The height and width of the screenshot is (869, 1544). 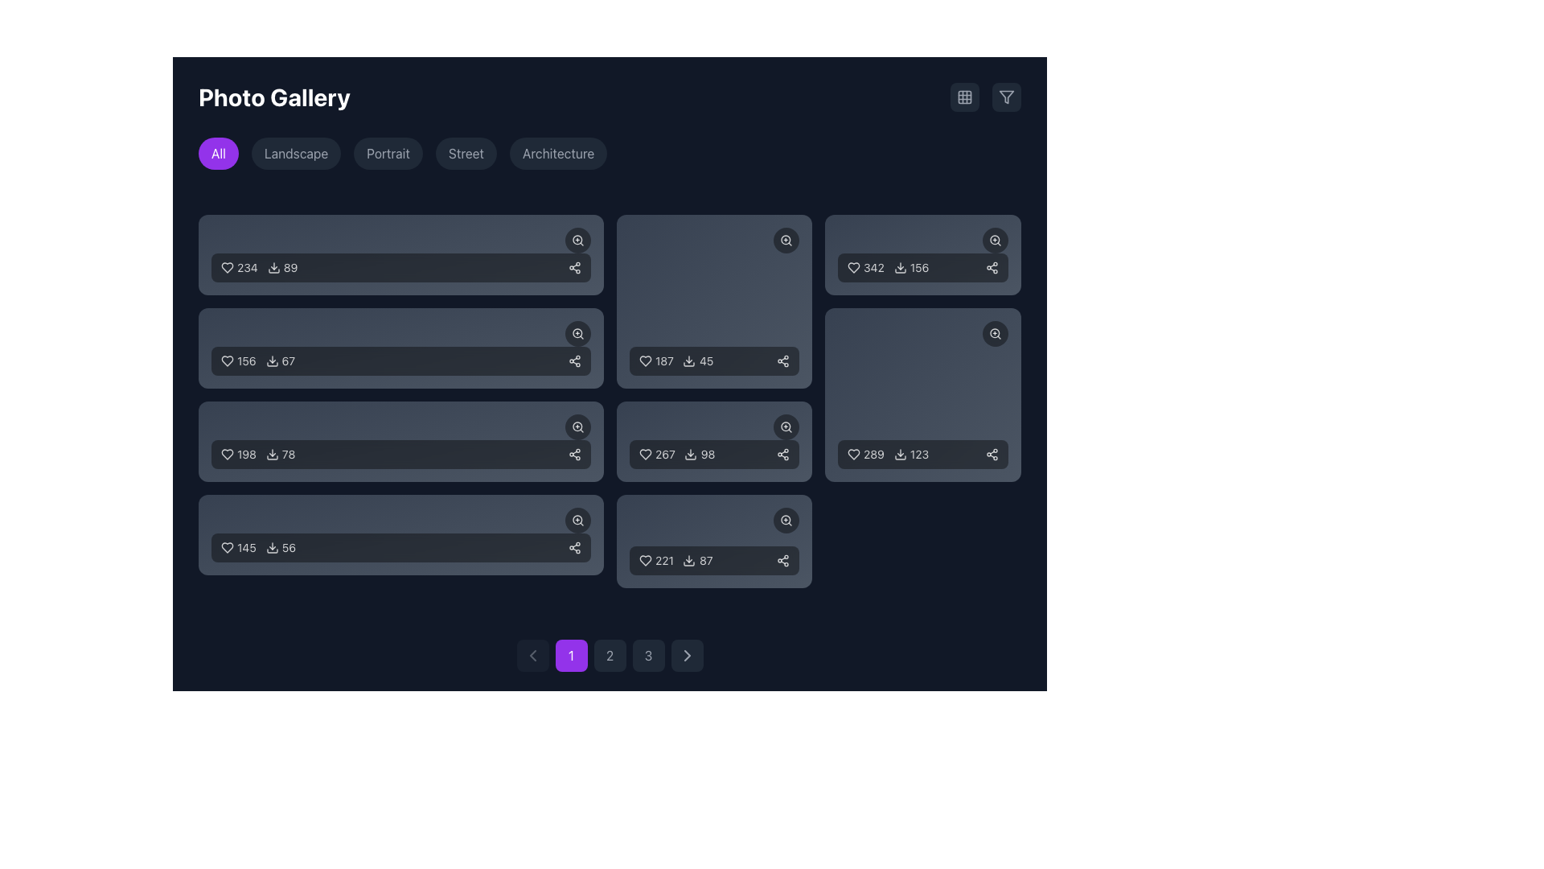 What do you see at coordinates (923, 266) in the screenshot?
I see `the Info display tile located on the right-hand side in the second row from the top, first column from the right, which displays popularity metrics for a specific item` at bounding box center [923, 266].